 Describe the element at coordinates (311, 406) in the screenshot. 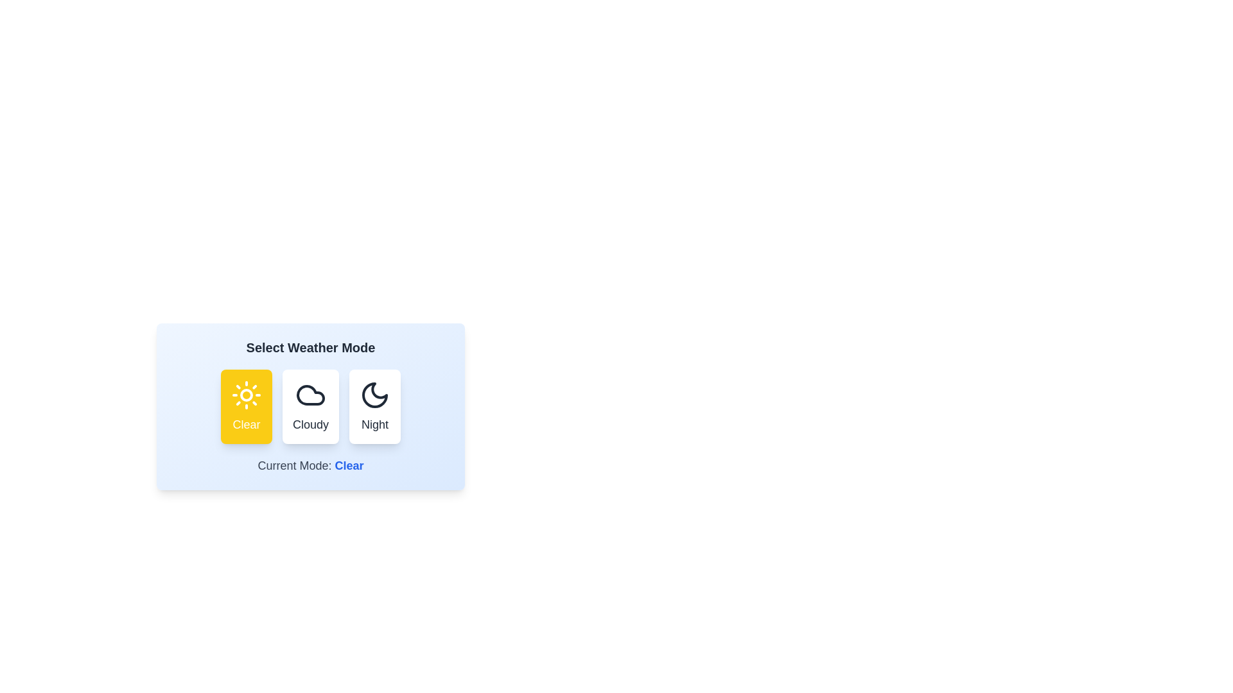

I see `the Cloudy button to view its hover effect` at that location.